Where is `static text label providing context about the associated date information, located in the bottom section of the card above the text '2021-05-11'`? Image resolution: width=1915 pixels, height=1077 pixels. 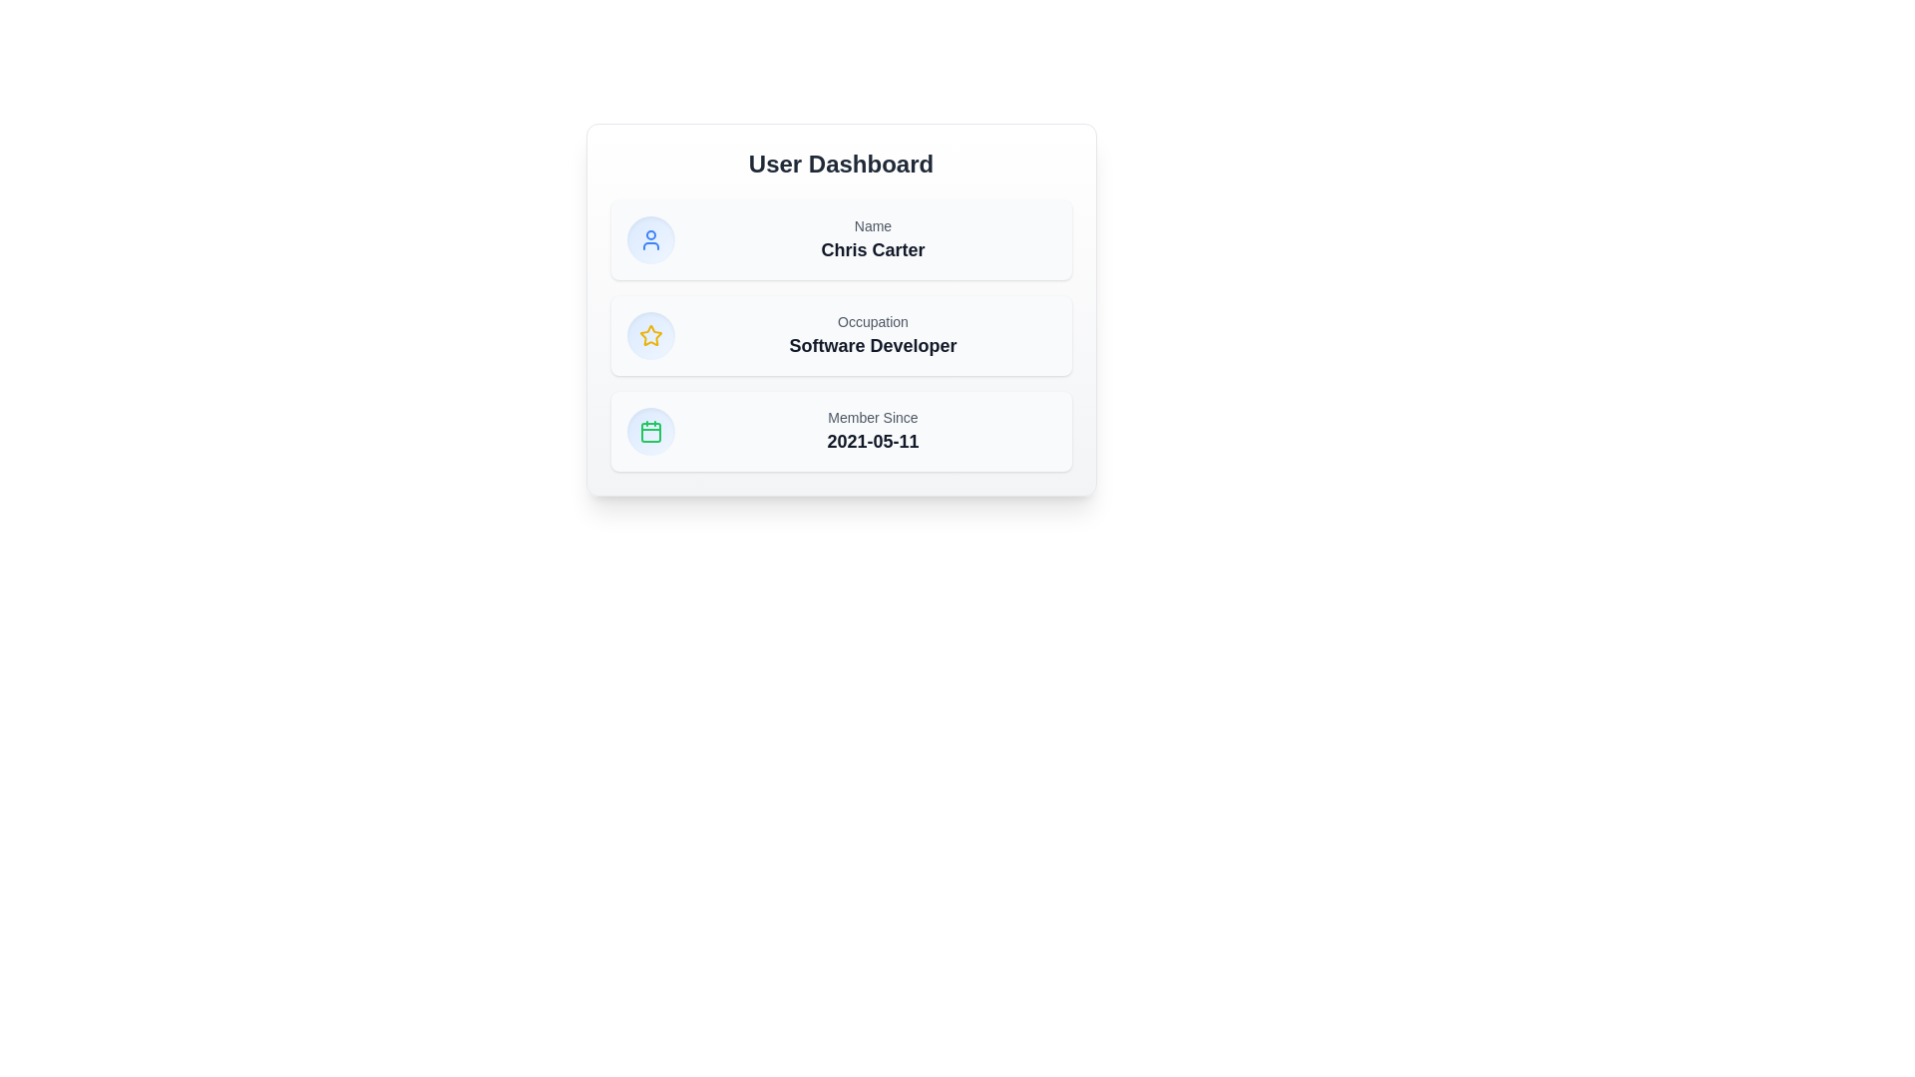
static text label providing context about the associated date information, located in the bottom section of the card above the text '2021-05-11' is located at coordinates (873, 417).